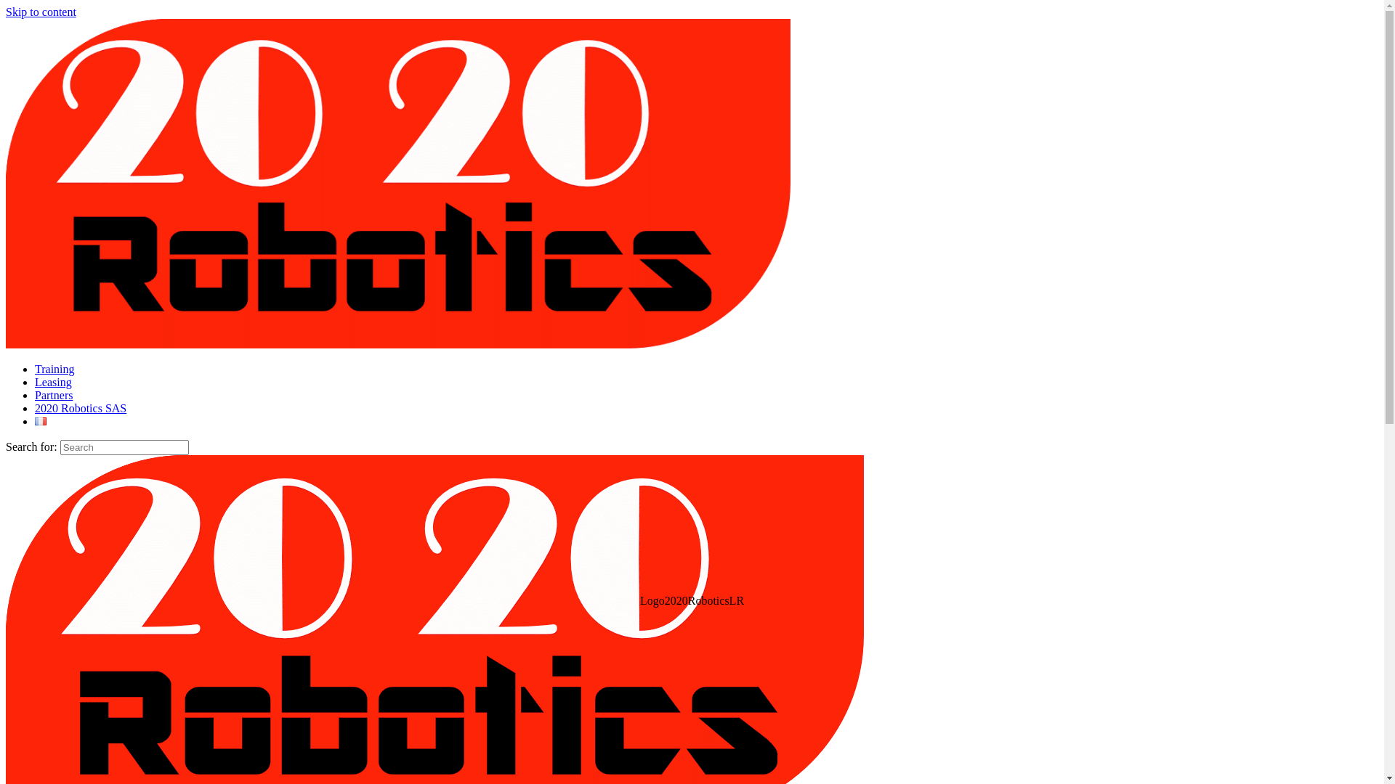 This screenshot has height=784, width=1395. What do you see at coordinates (35, 381) in the screenshot?
I see `'Leasing'` at bounding box center [35, 381].